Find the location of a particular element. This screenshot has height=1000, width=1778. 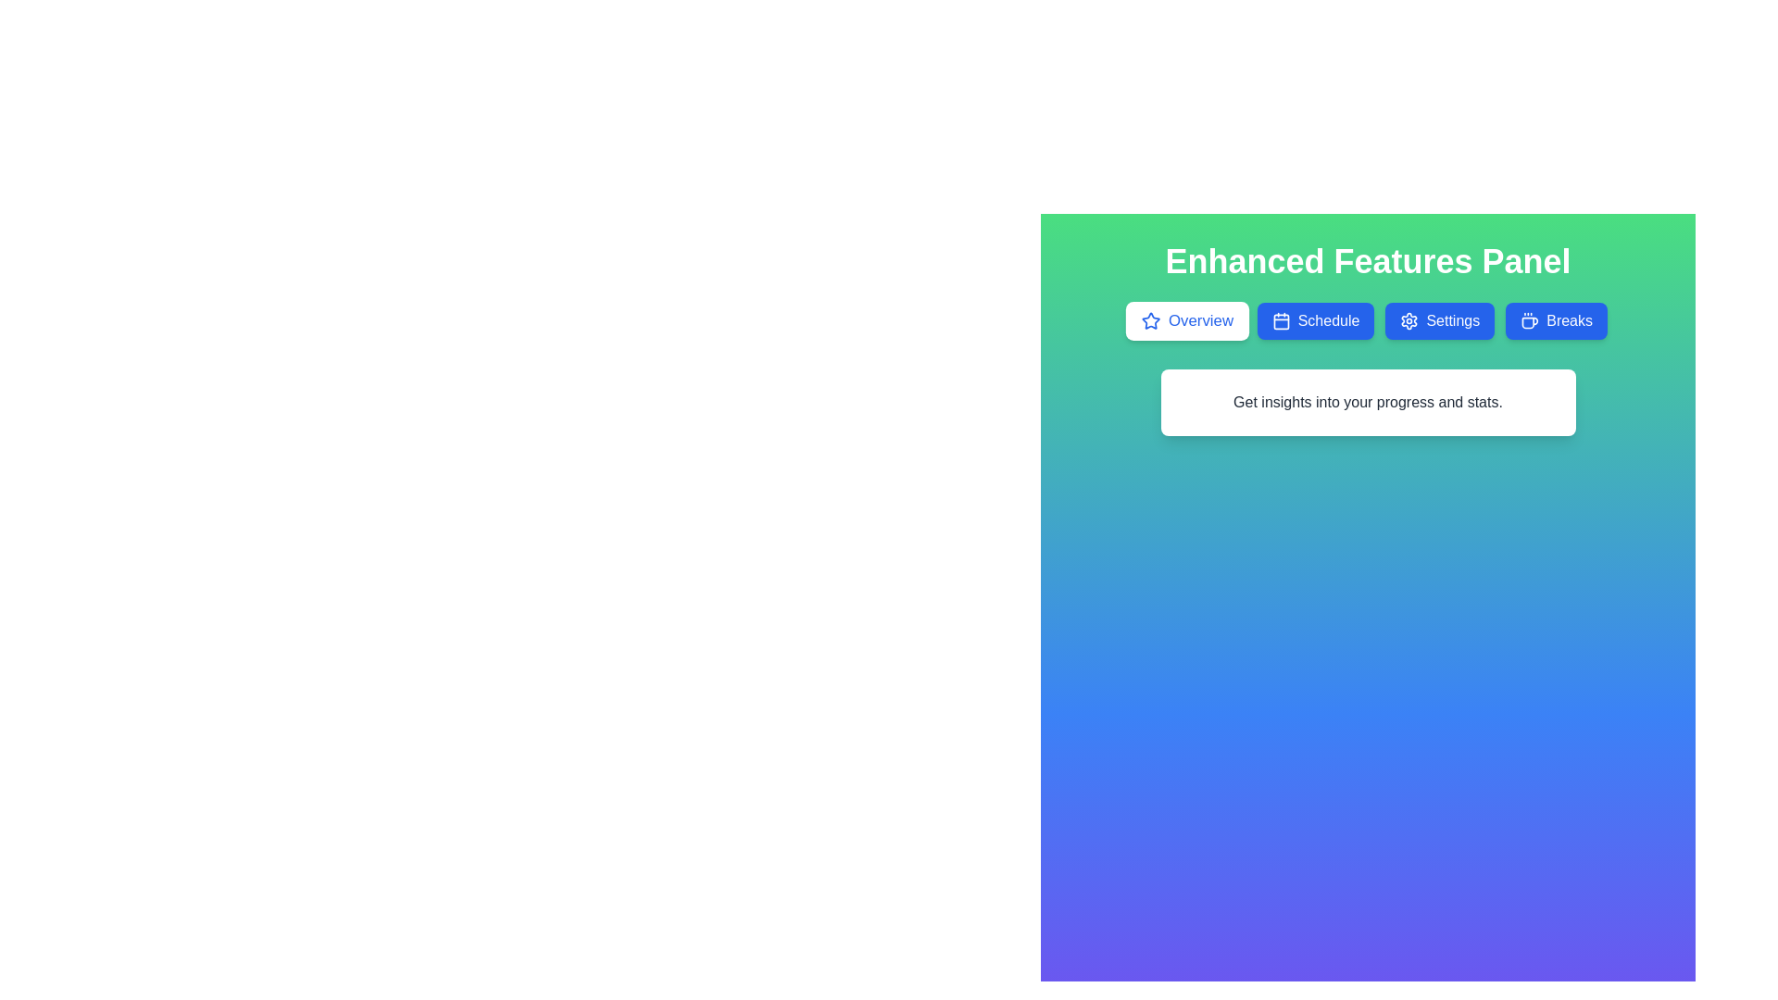

the cogwheel-shaped settings icon button, which is styled with a blue background and white outlines is located at coordinates (1409, 320).